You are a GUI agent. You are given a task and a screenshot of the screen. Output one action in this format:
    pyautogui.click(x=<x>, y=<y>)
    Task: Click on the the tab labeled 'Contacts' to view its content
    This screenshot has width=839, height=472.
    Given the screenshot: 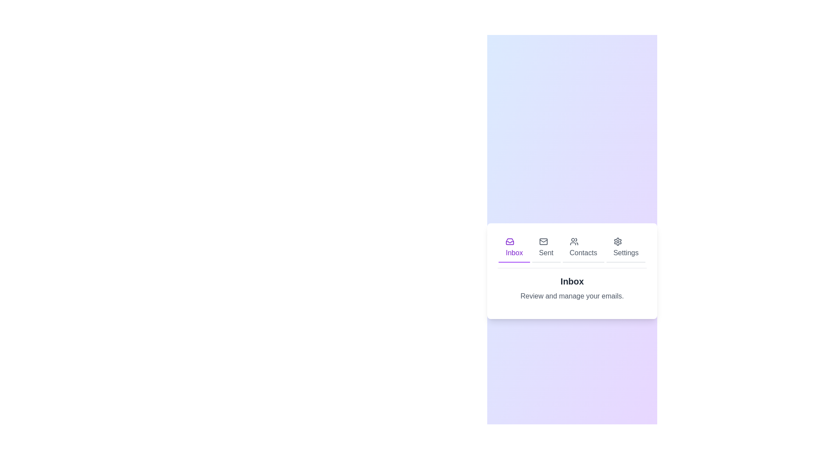 What is the action you would take?
    pyautogui.click(x=583, y=248)
    